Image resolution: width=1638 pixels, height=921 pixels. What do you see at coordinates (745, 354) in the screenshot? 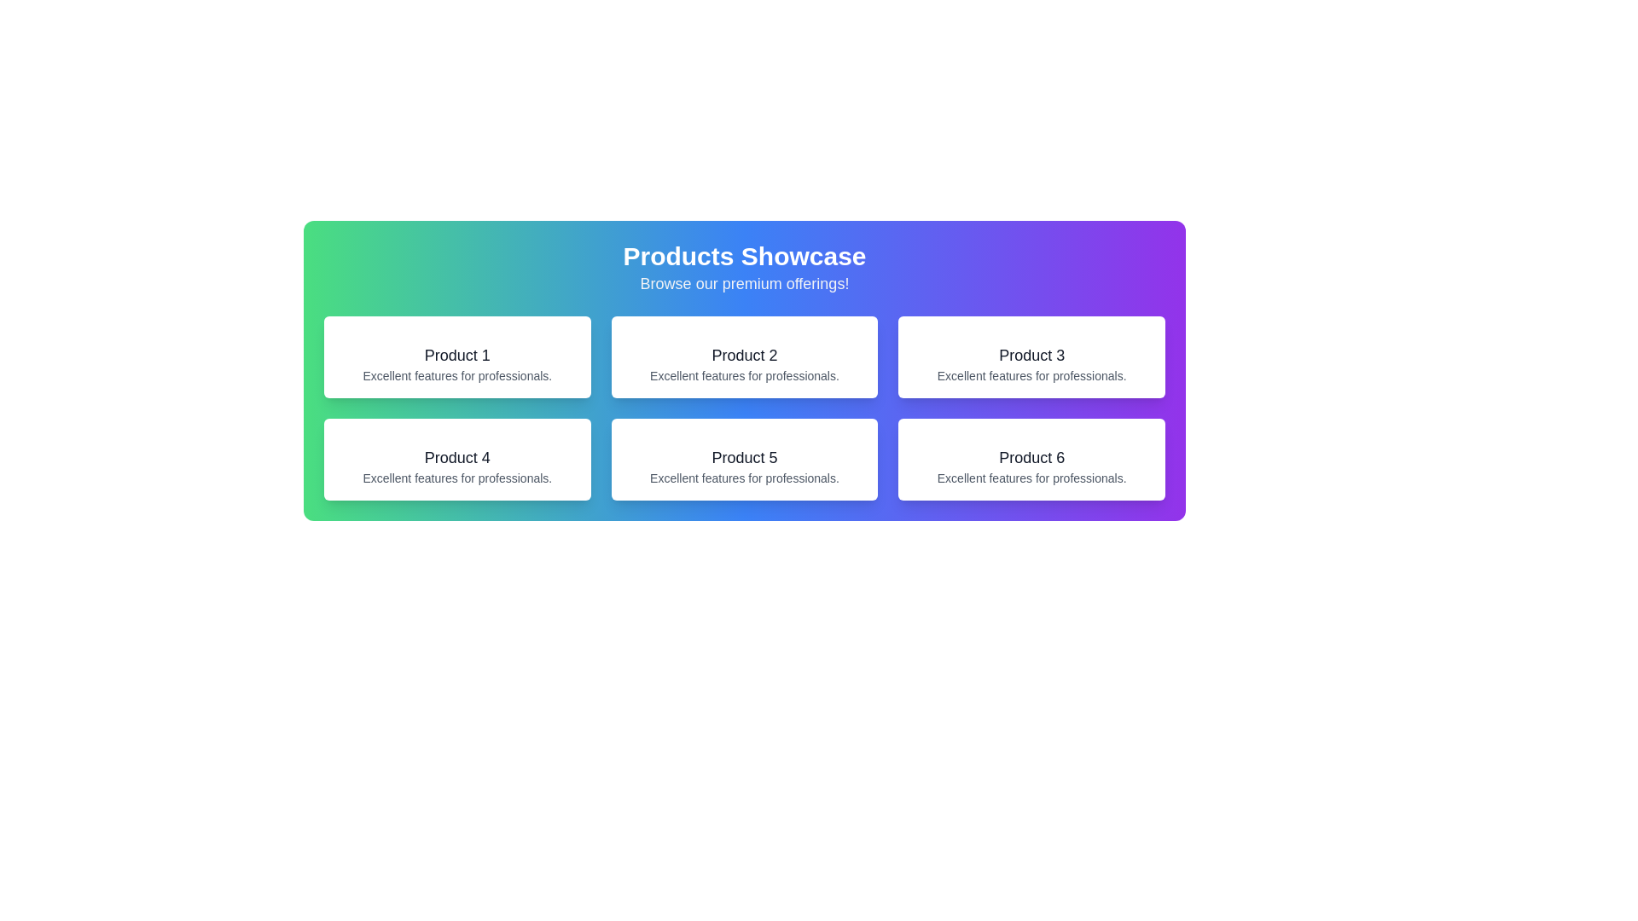
I see `text displayed in the bold font style, 'Product 2', which is positioned prominently within the second card of the grid layout` at bounding box center [745, 354].